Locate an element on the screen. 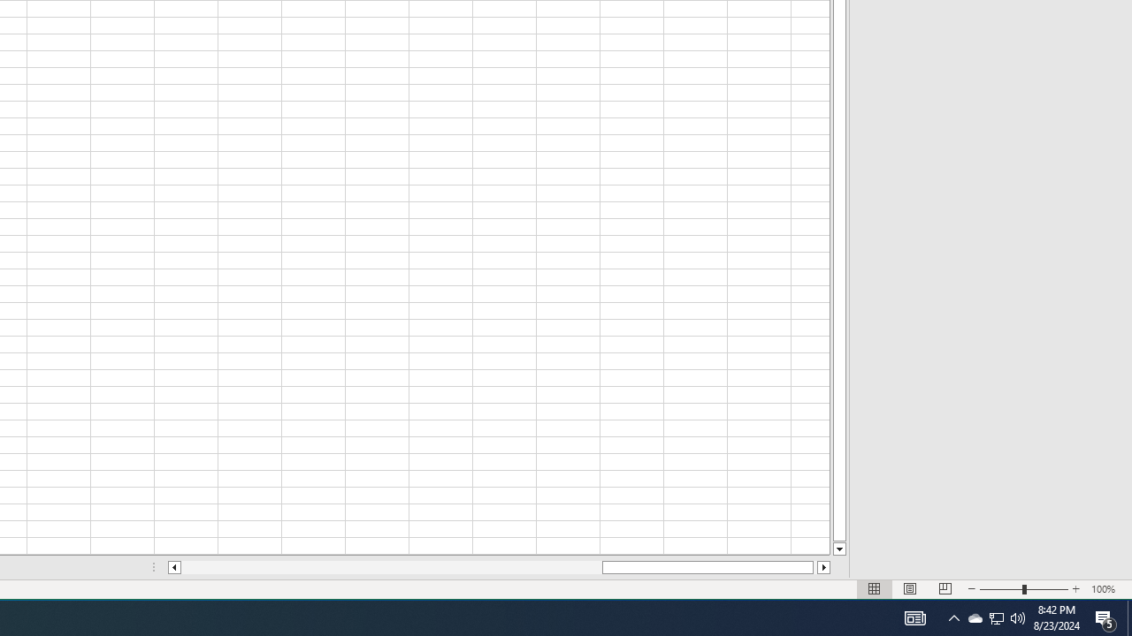  'AutomationID: 4105' is located at coordinates (914, 617).